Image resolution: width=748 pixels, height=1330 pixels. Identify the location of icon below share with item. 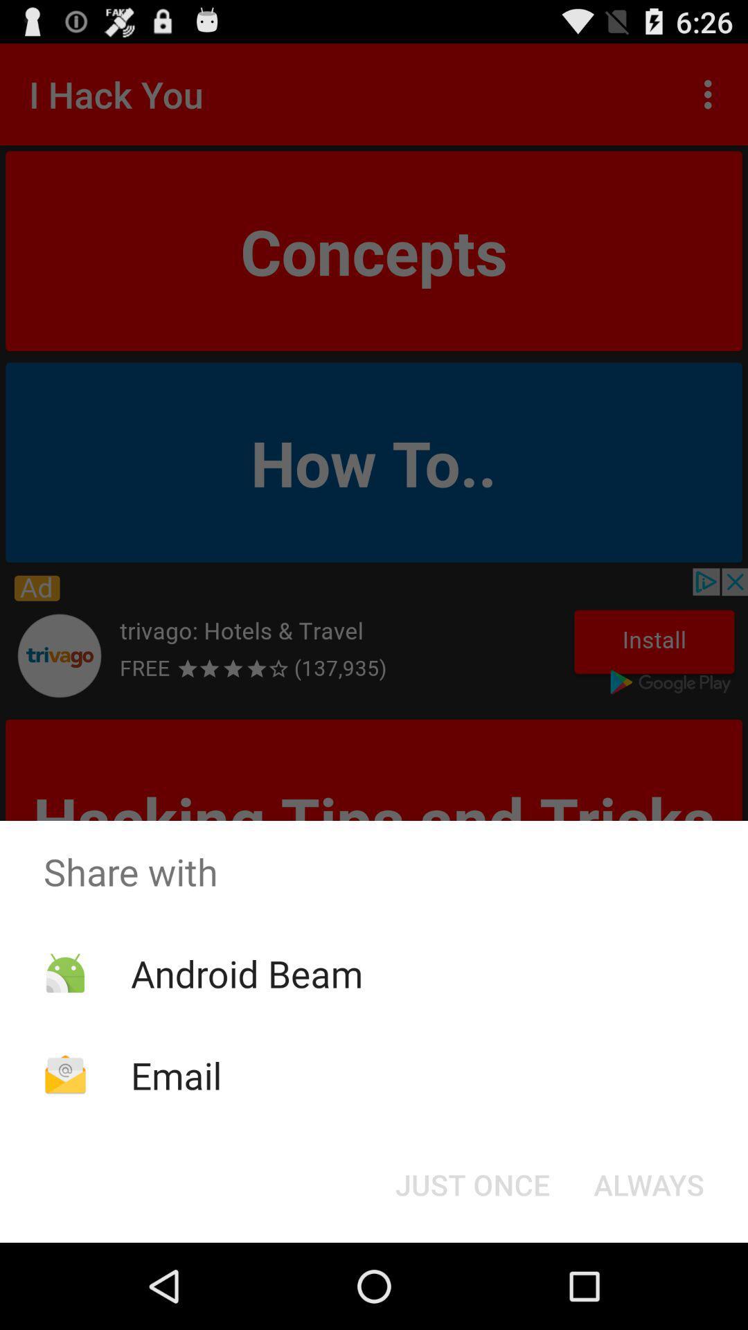
(472, 1183).